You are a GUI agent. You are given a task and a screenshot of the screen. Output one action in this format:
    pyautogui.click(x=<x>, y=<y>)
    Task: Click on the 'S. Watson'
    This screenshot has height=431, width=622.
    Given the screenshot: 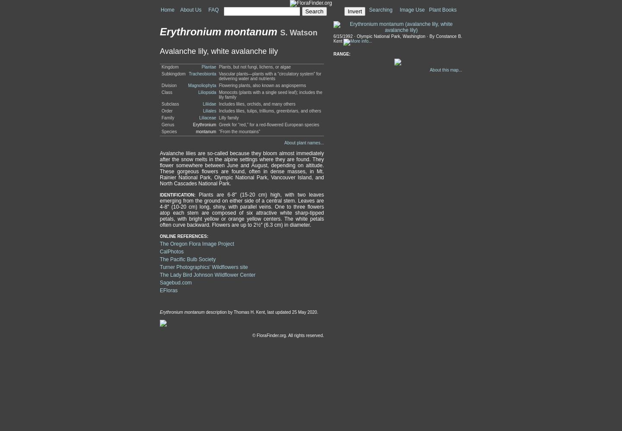 What is the action you would take?
    pyautogui.click(x=298, y=32)
    